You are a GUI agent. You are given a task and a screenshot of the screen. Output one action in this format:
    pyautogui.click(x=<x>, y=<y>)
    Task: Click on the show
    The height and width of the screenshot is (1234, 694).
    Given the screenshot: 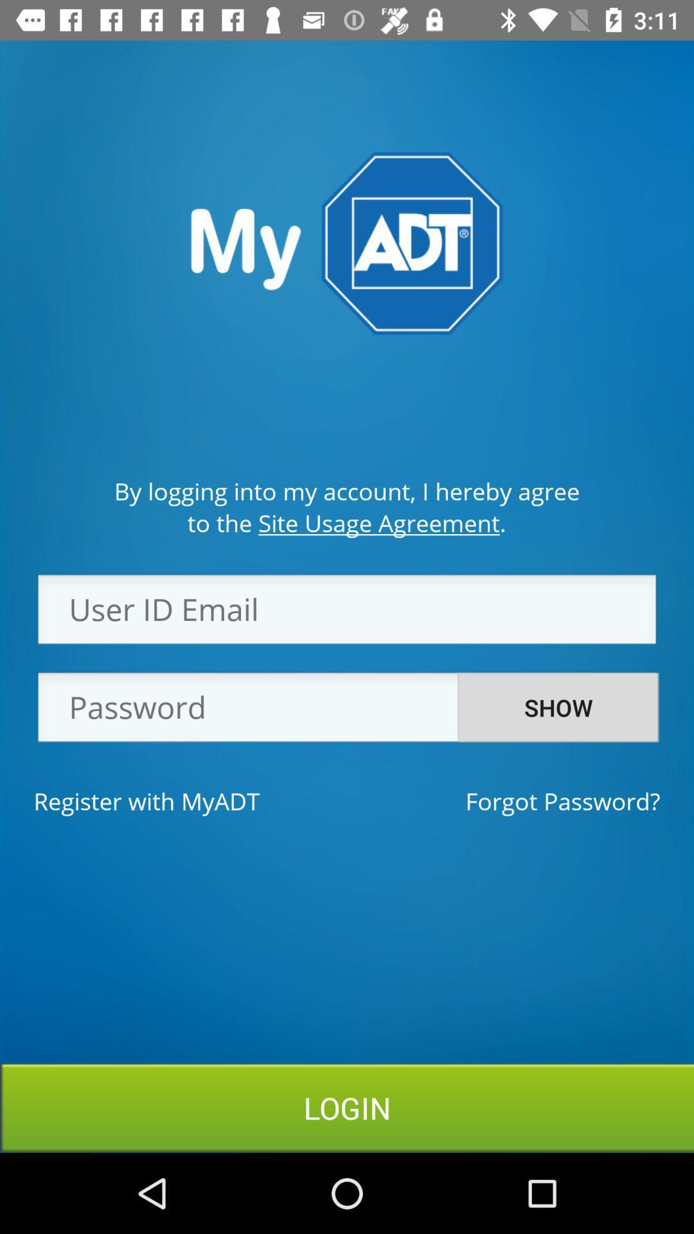 What is the action you would take?
    pyautogui.click(x=558, y=707)
    